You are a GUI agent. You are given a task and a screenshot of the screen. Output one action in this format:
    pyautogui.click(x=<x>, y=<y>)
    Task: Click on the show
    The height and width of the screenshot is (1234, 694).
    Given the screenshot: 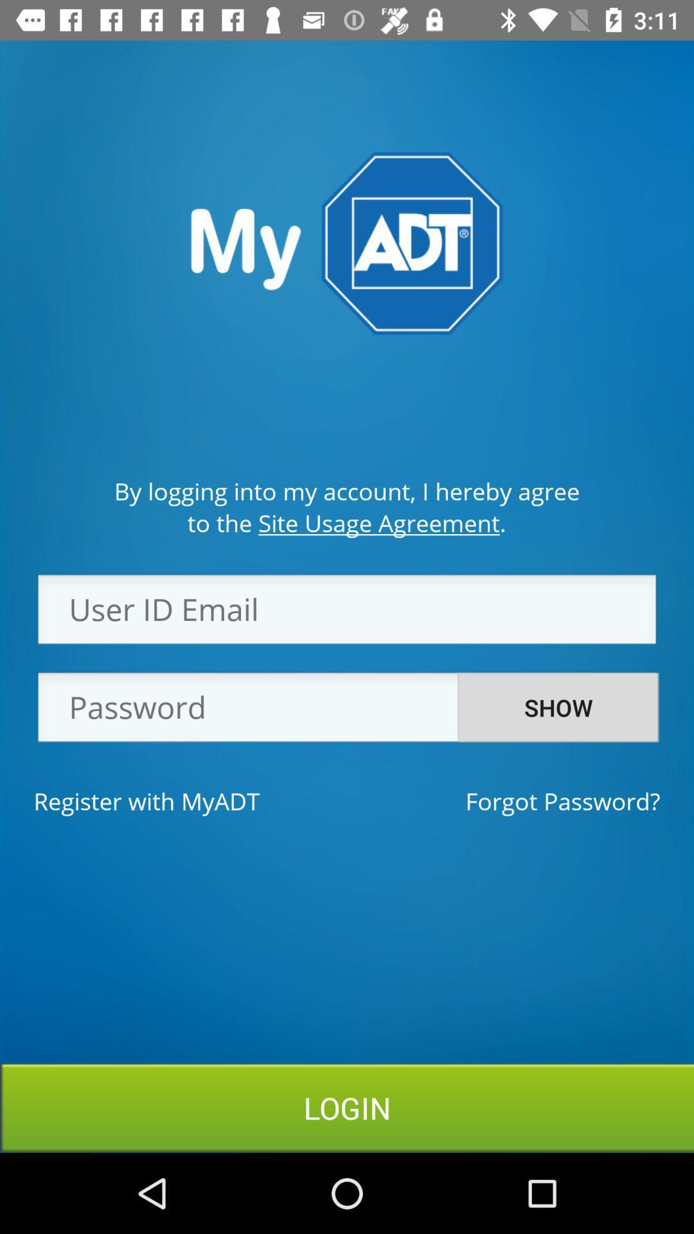 What is the action you would take?
    pyautogui.click(x=558, y=707)
    